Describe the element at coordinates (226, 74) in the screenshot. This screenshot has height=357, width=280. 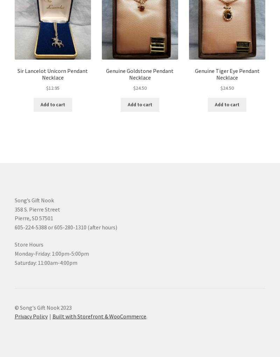
I see `'Genuine Tiger Eye Pendant Necklace'` at that location.